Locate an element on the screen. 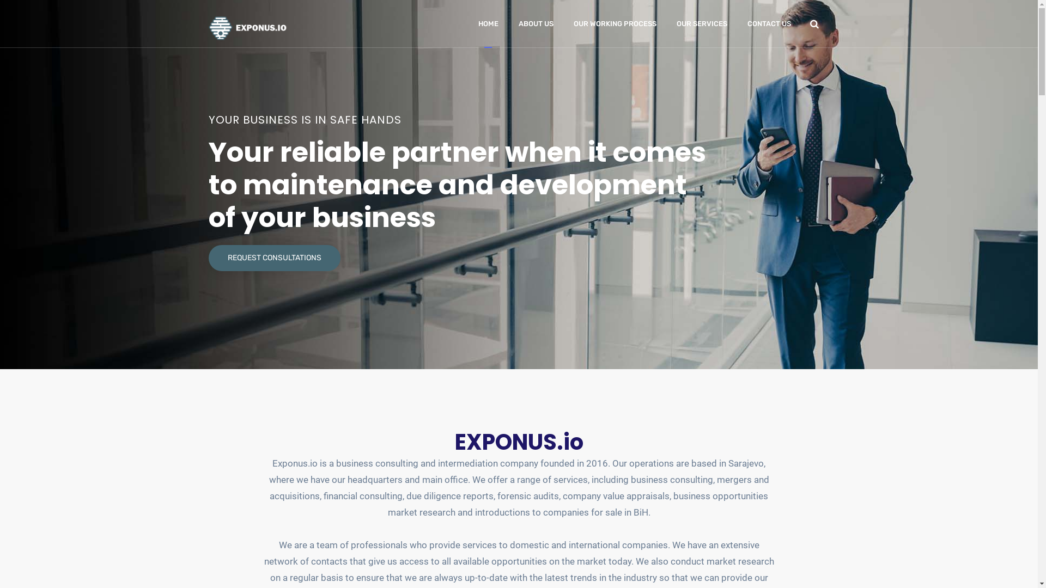 This screenshot has height=588, width=1046. 'ABOUT US' is located at coordinates (536, 23).